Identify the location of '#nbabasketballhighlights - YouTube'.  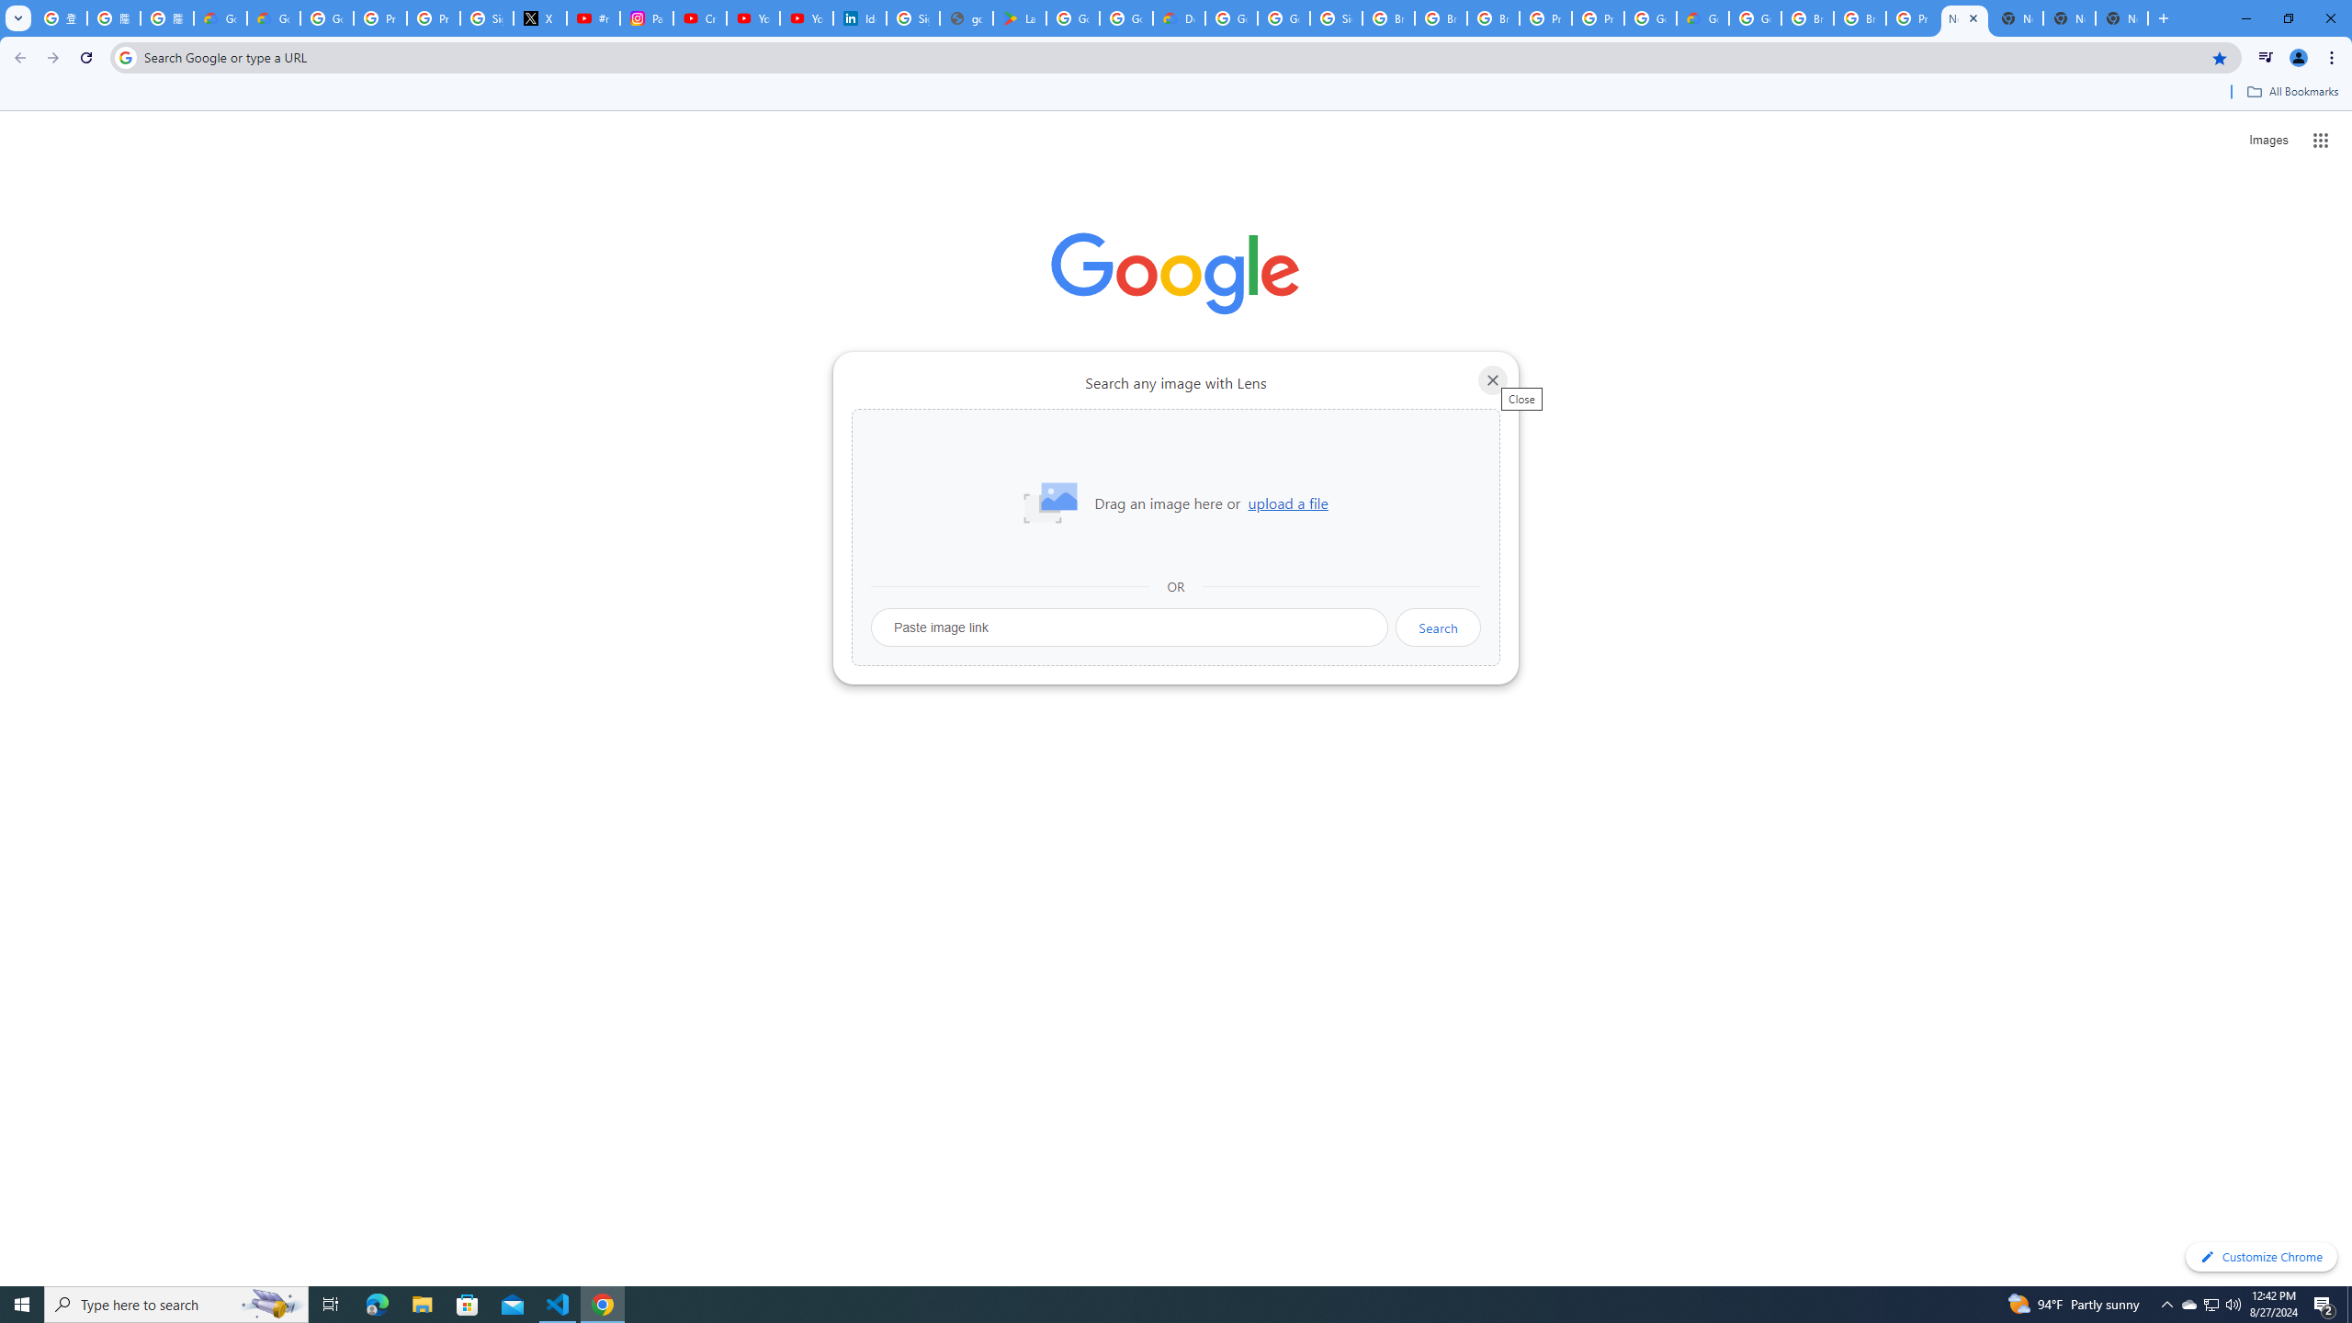
(593, 17).